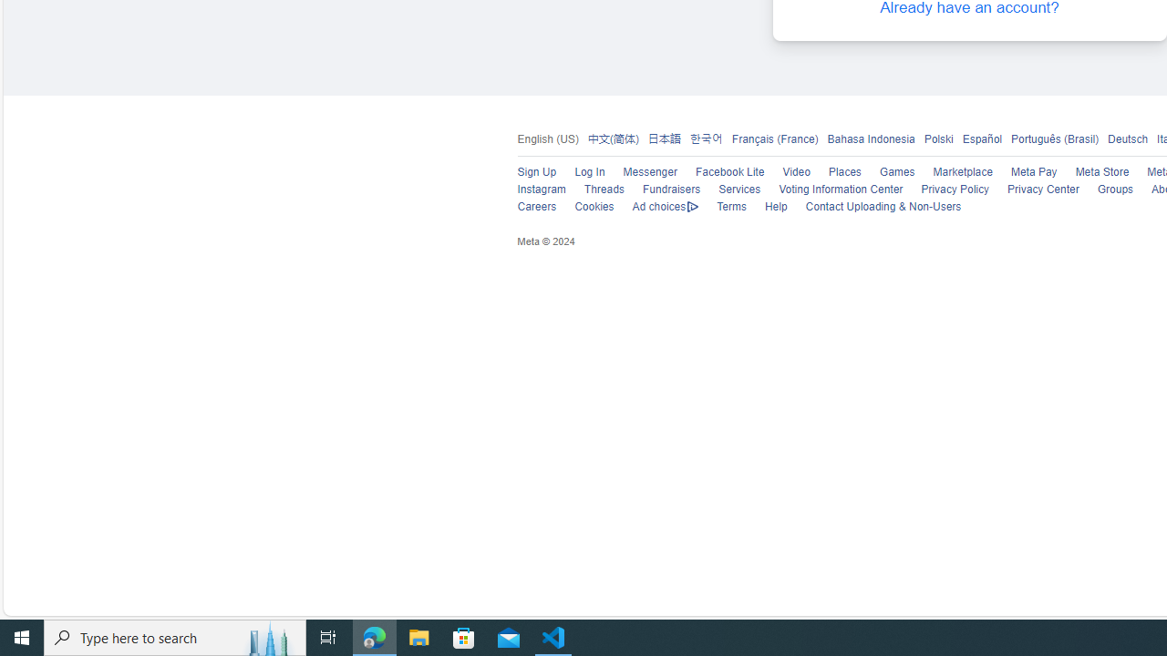  I want to click on 'Privacy Policy', so click(945, 190).